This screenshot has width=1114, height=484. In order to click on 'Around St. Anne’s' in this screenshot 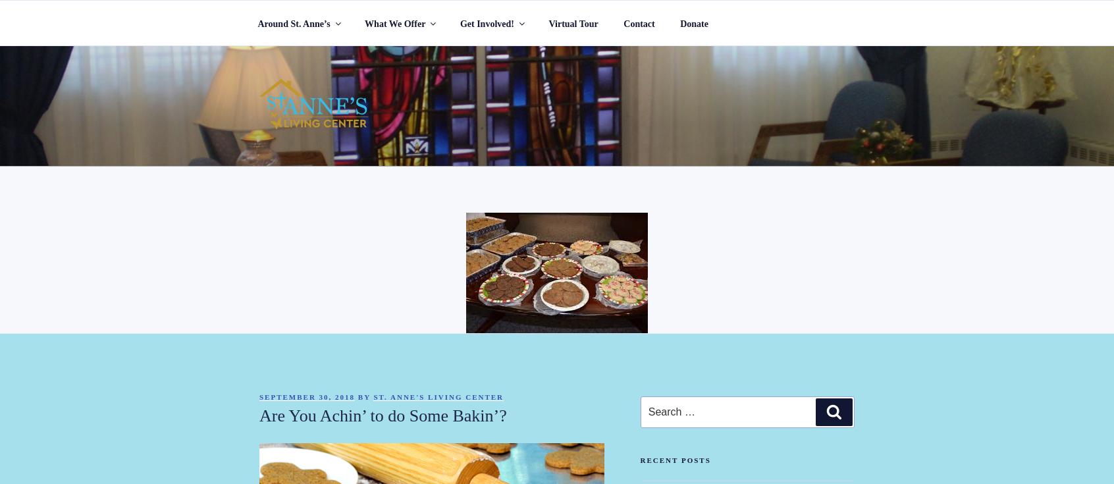, I will do `click(293, 22)`.